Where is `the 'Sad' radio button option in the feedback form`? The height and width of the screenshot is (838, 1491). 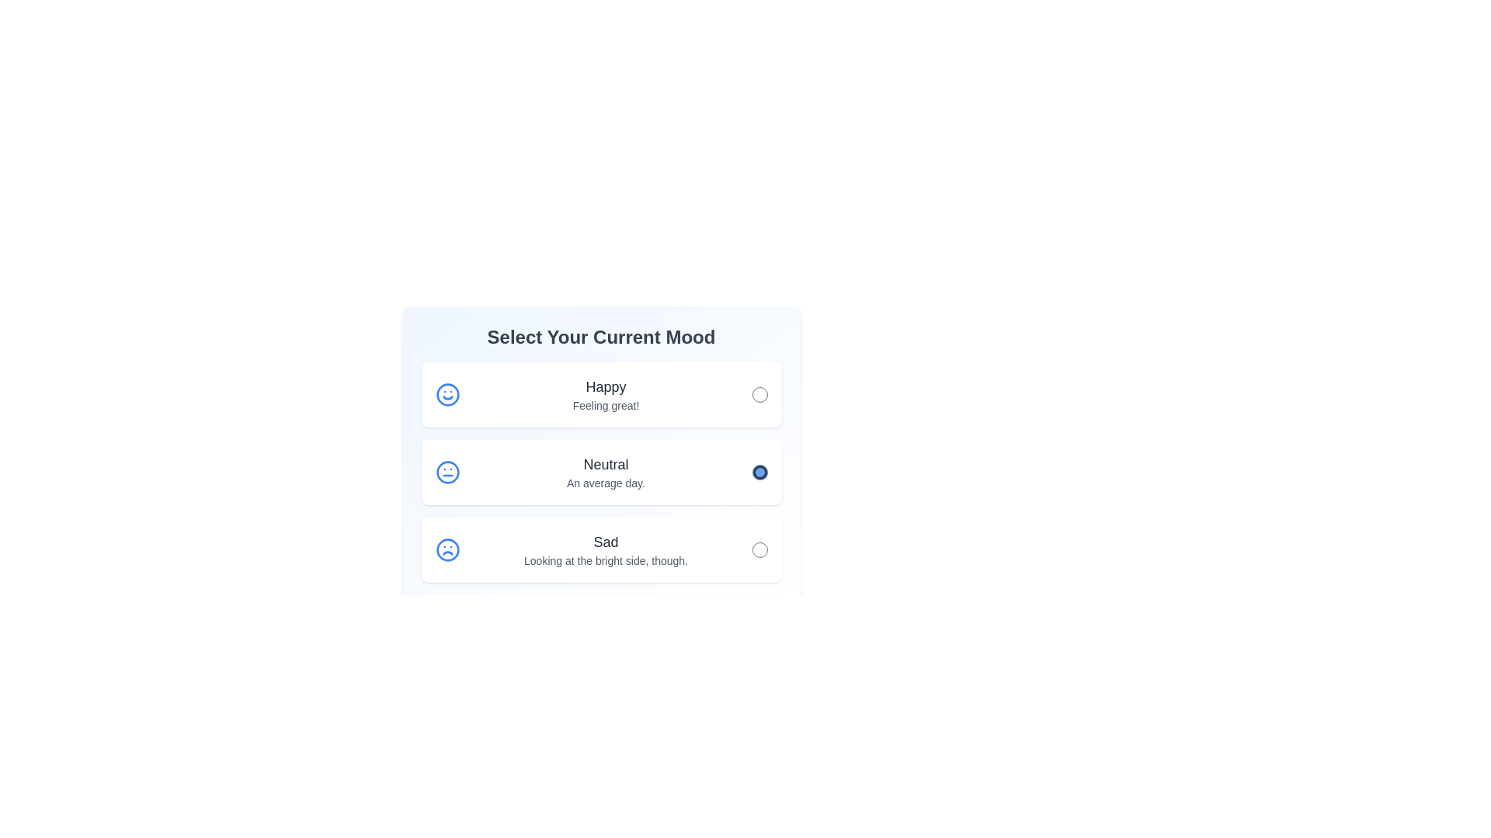
the 'Sad' radio button option in the feedback form is located at coordinates (600, 549).